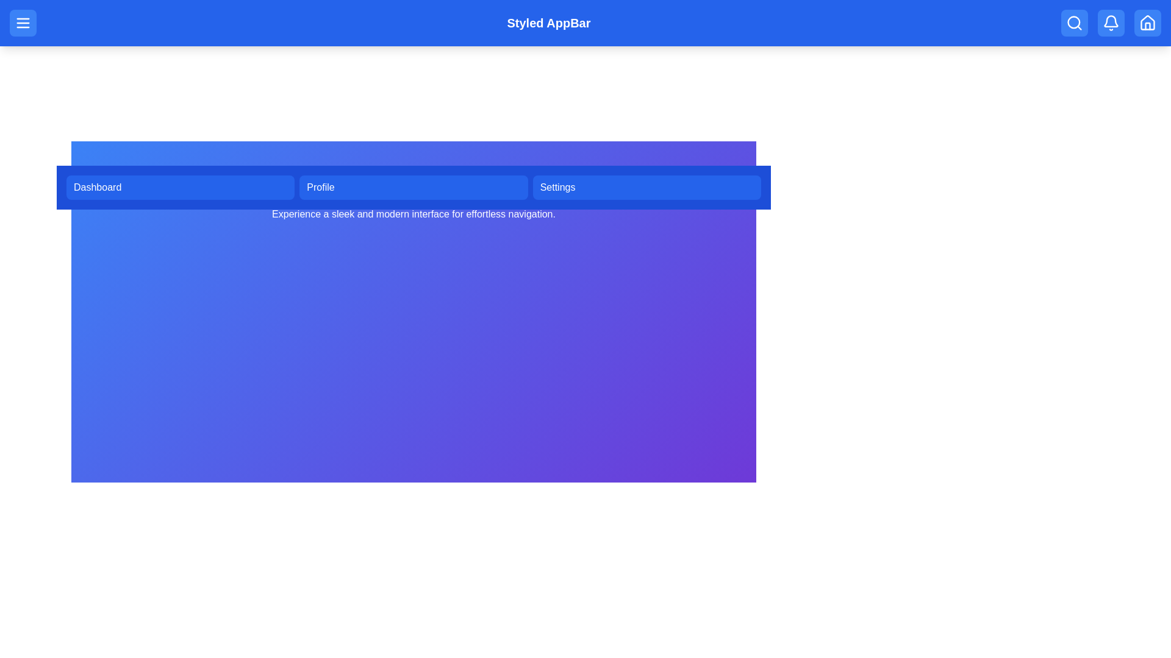  Describe the element at coordinates (413, 188) in the screenshot. I see `the navigation menu button corresponding to Profile` at that location.